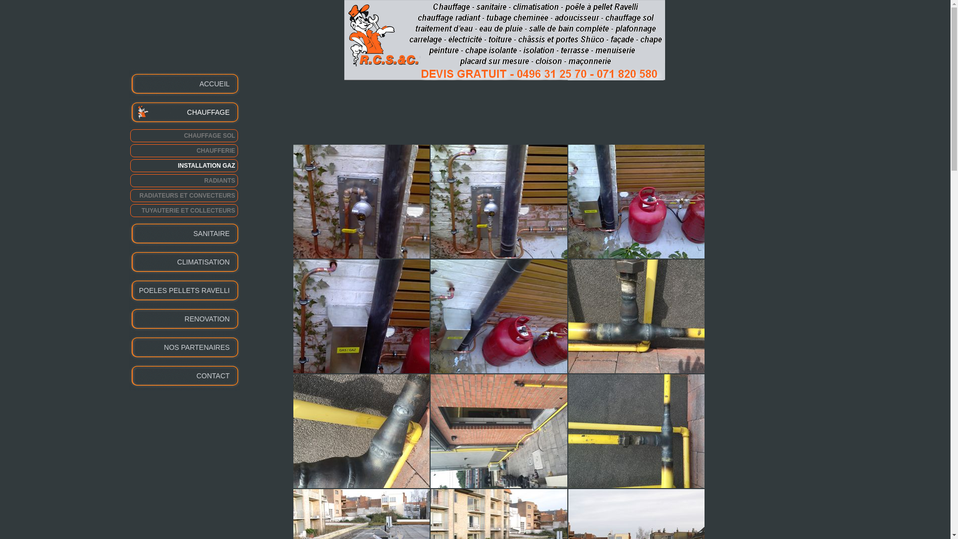 Image resolution: width=958 pixels, height=539 pixels. What do you see at coordinates (184, 165) in the screenshot?
I see `'INSTALLATION GAZ'` at bounding box center [184, 165].